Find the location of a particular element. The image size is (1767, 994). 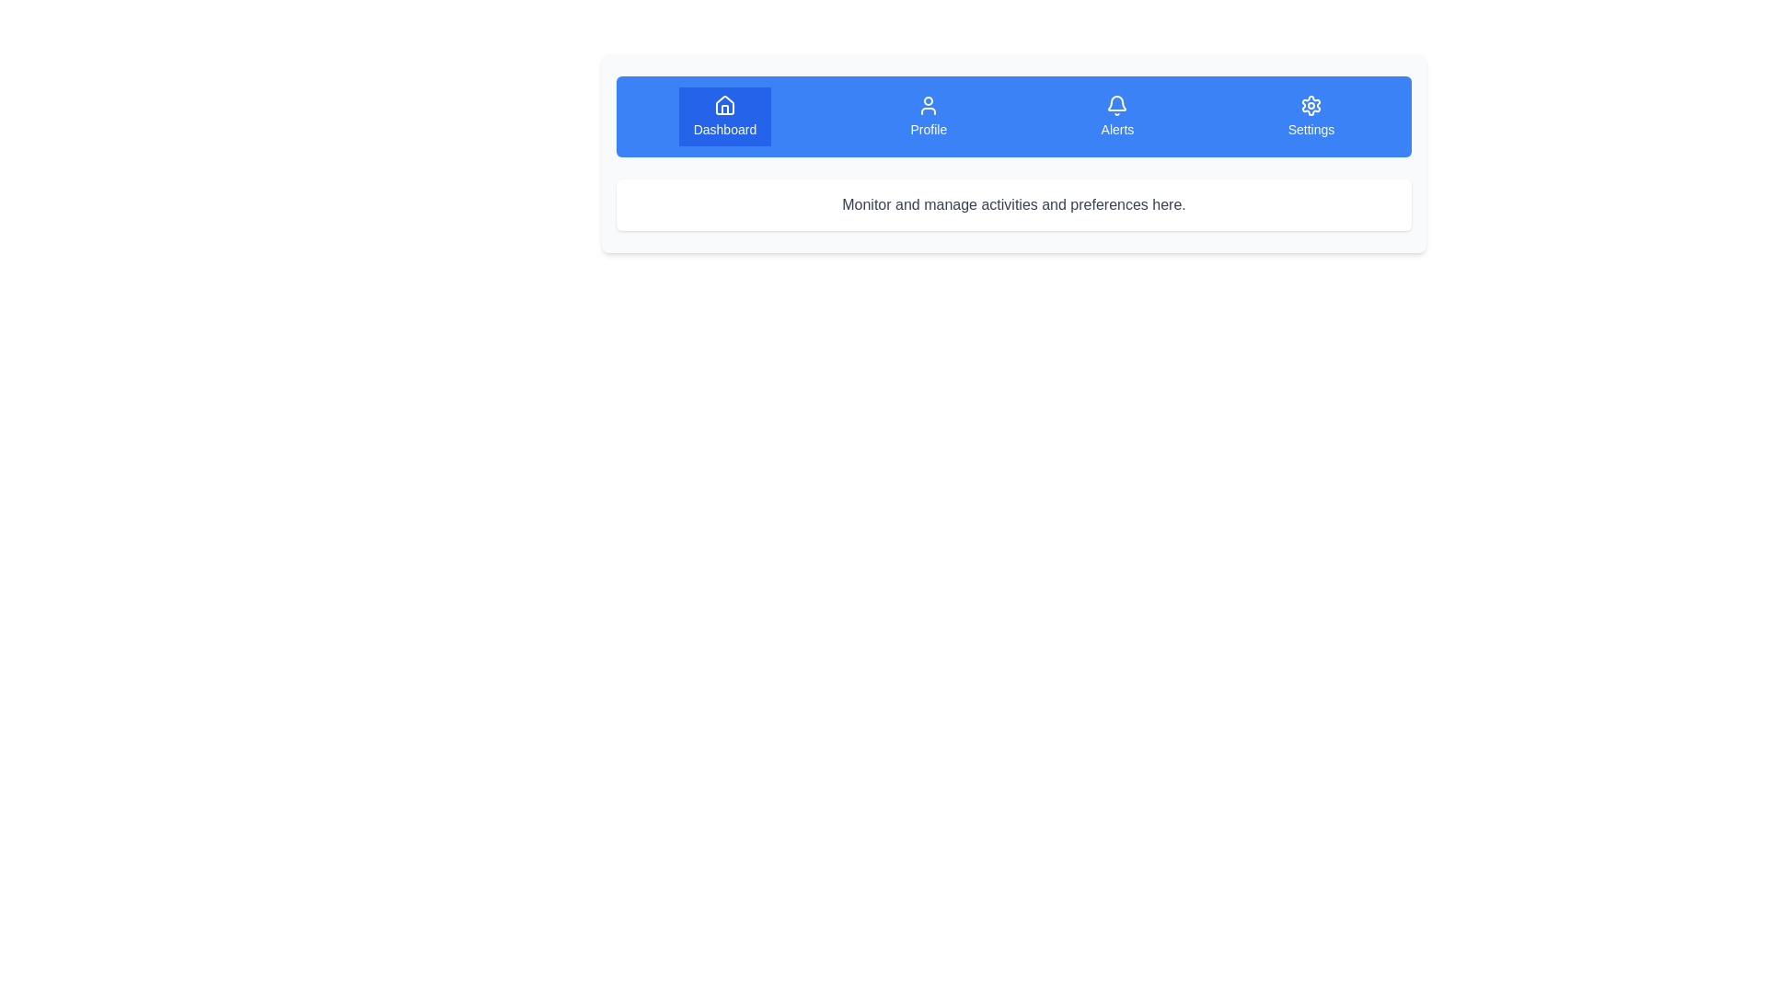

the alerts or notifications indicator icon in the horizontal navigation bar, located between the 'Profile' and 'Settings' icons is located at coordinates (1116, 103).